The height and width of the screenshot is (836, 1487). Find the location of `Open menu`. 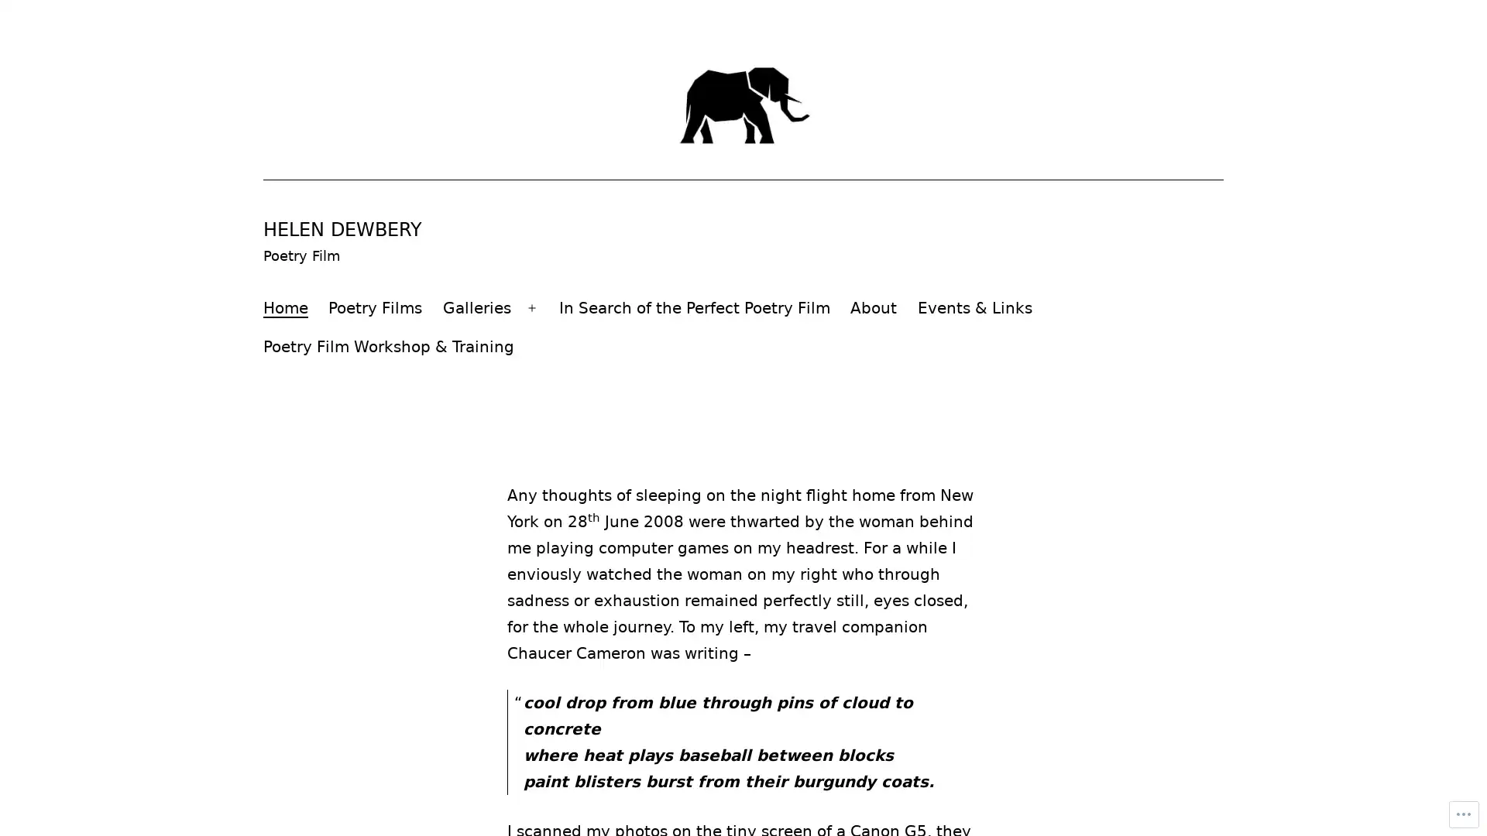

Open menu is located at coordinates (531, 307).